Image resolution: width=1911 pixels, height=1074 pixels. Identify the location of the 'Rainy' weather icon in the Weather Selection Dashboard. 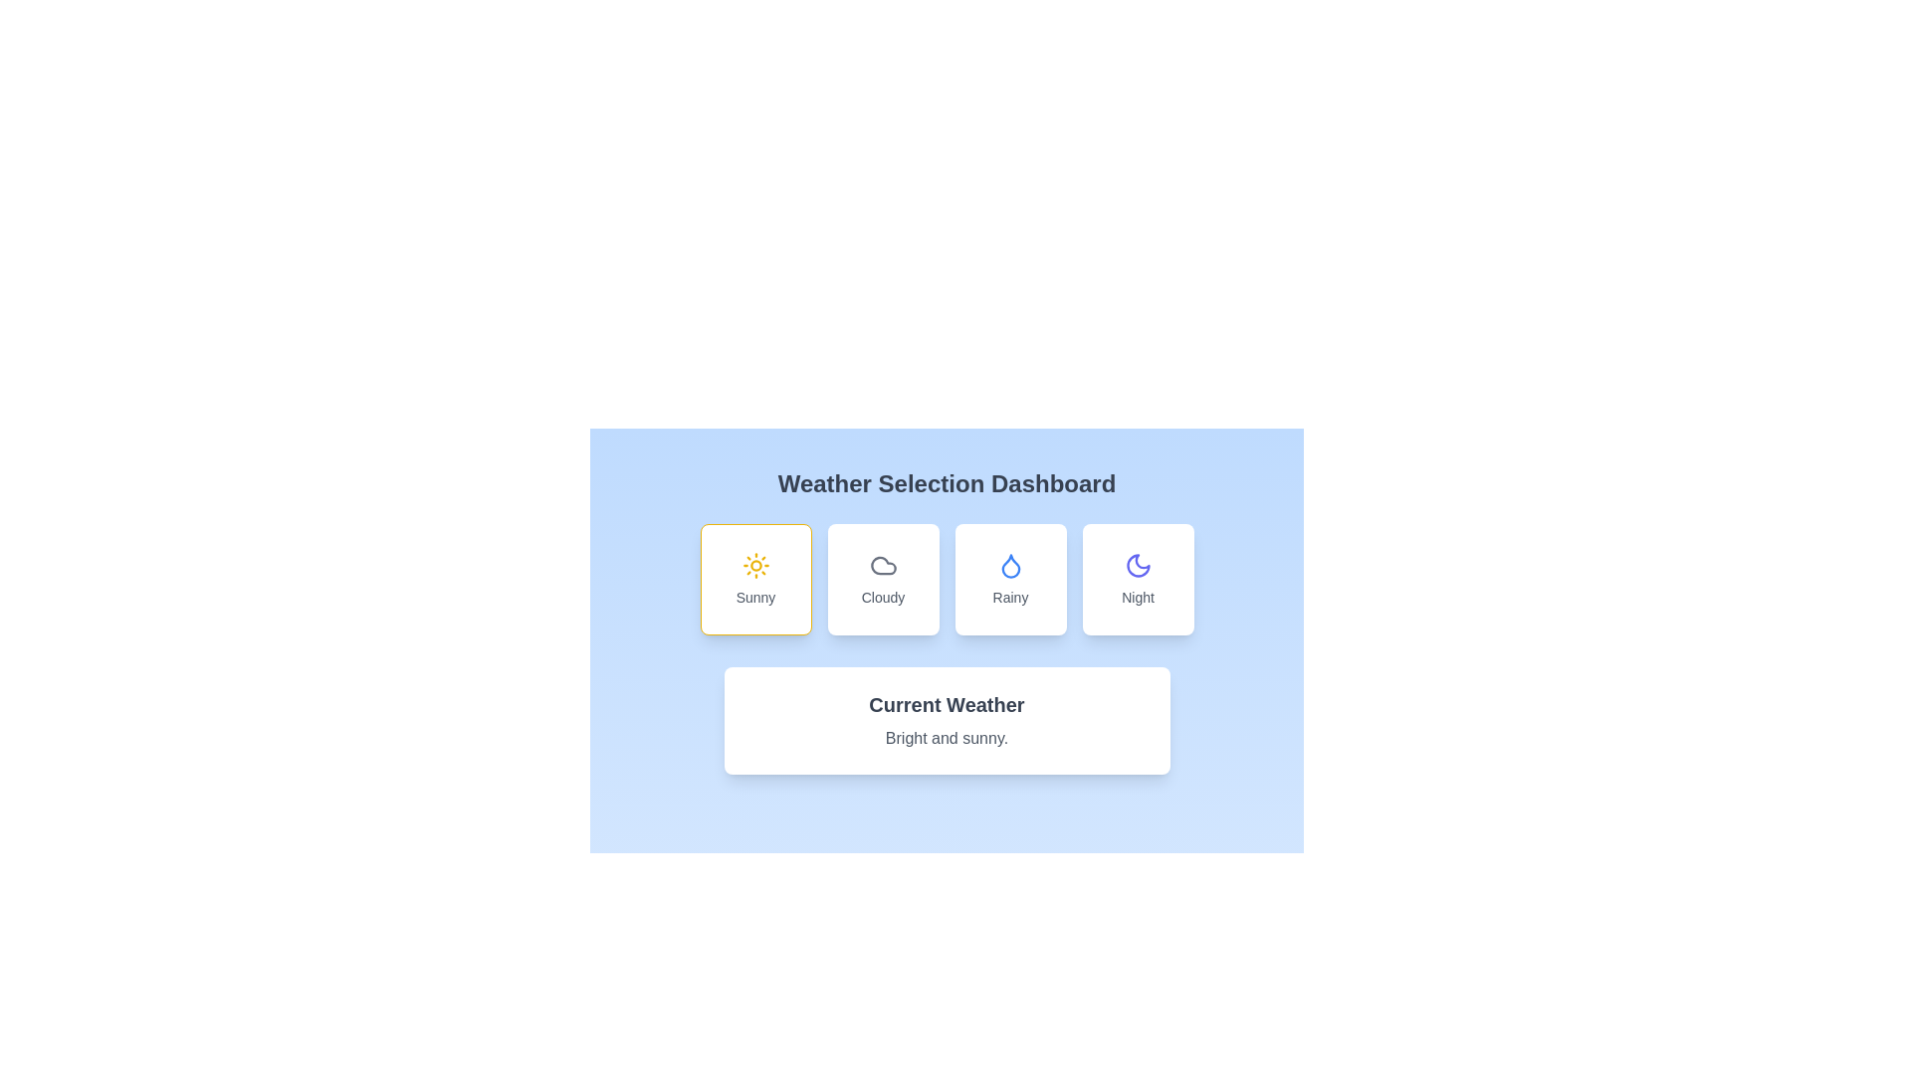
(1010, 566).